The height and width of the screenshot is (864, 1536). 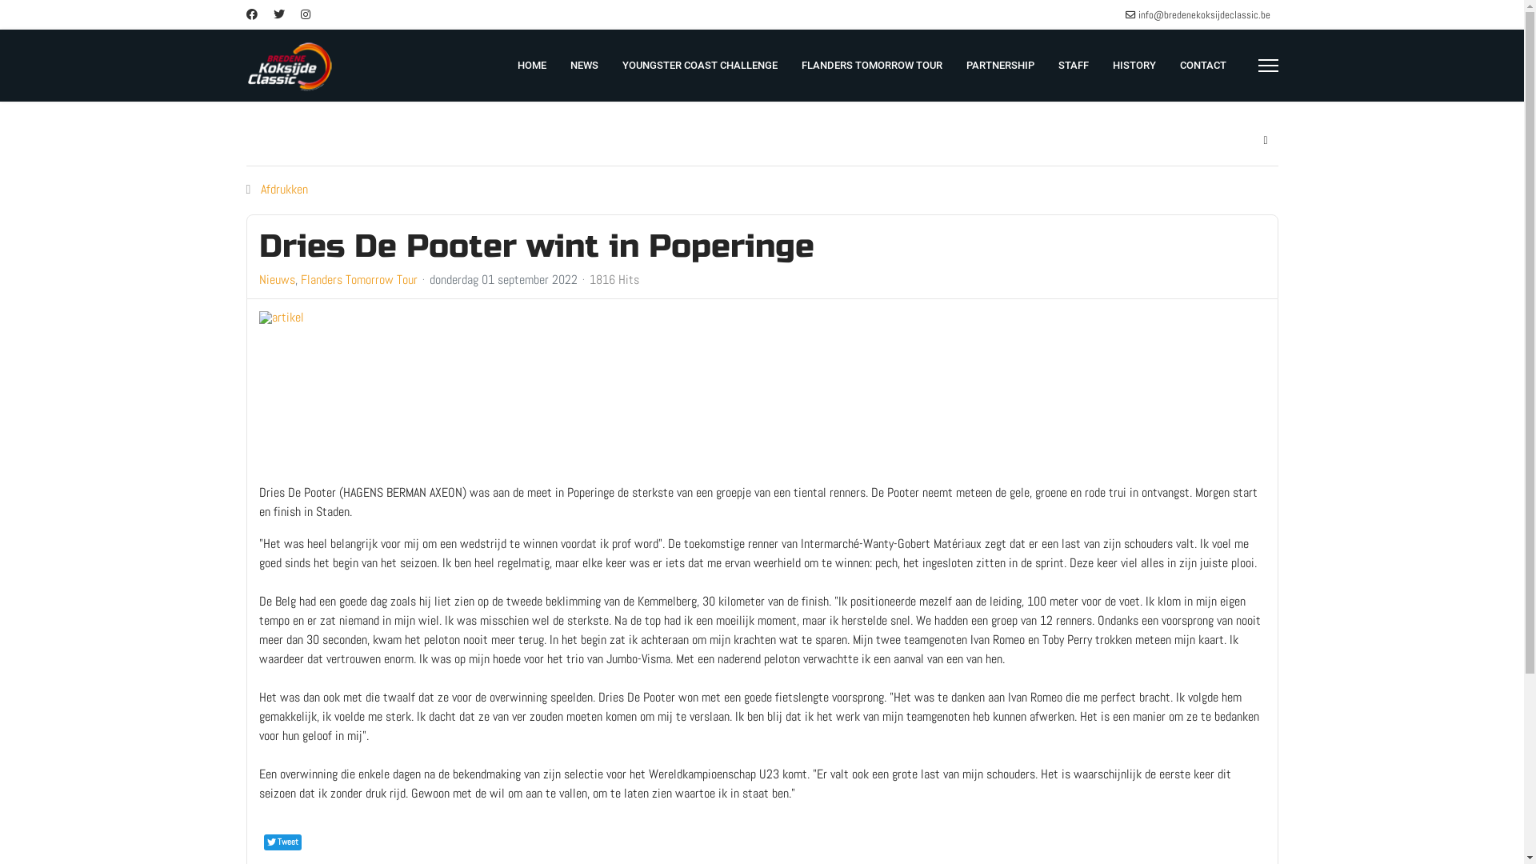 I want to click on 'Nieuws', so click(x=277, y=279).